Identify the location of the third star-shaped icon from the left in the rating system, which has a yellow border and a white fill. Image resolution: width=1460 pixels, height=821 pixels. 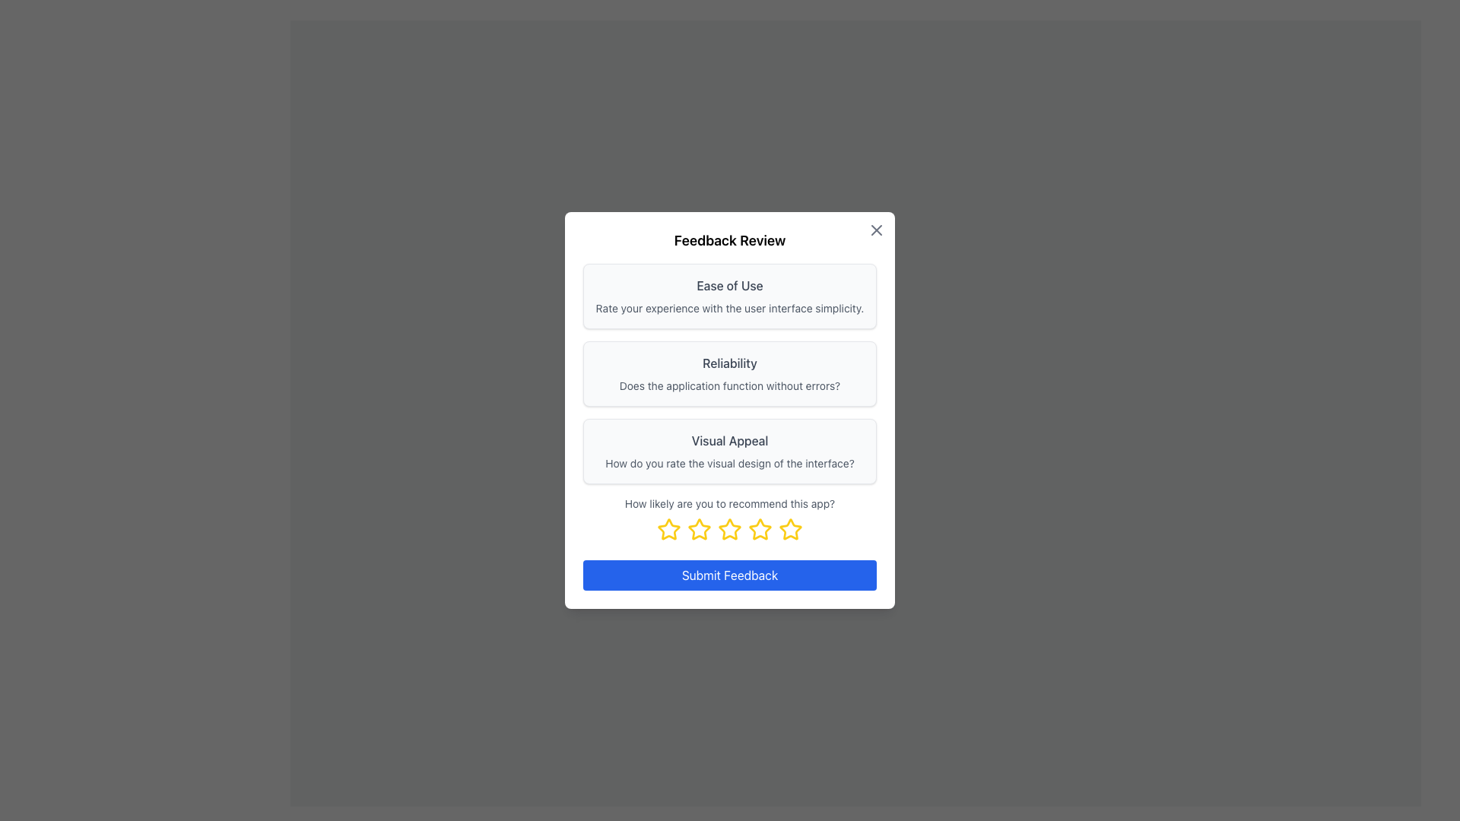
(730, 528).